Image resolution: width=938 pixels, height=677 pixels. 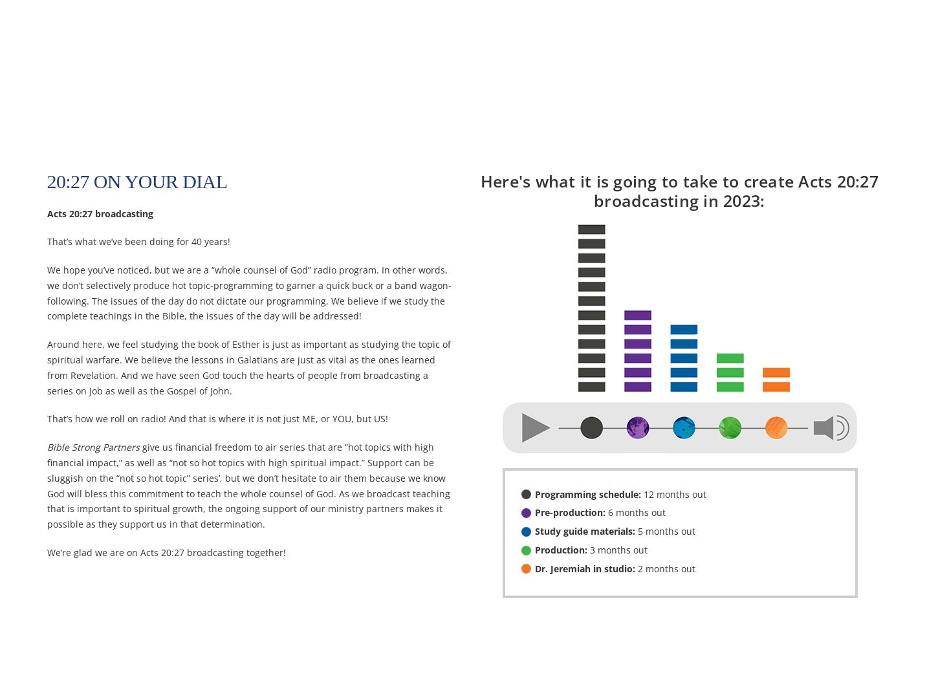 I want to click on 'Study guide materials:', so click(x=584, y=531).